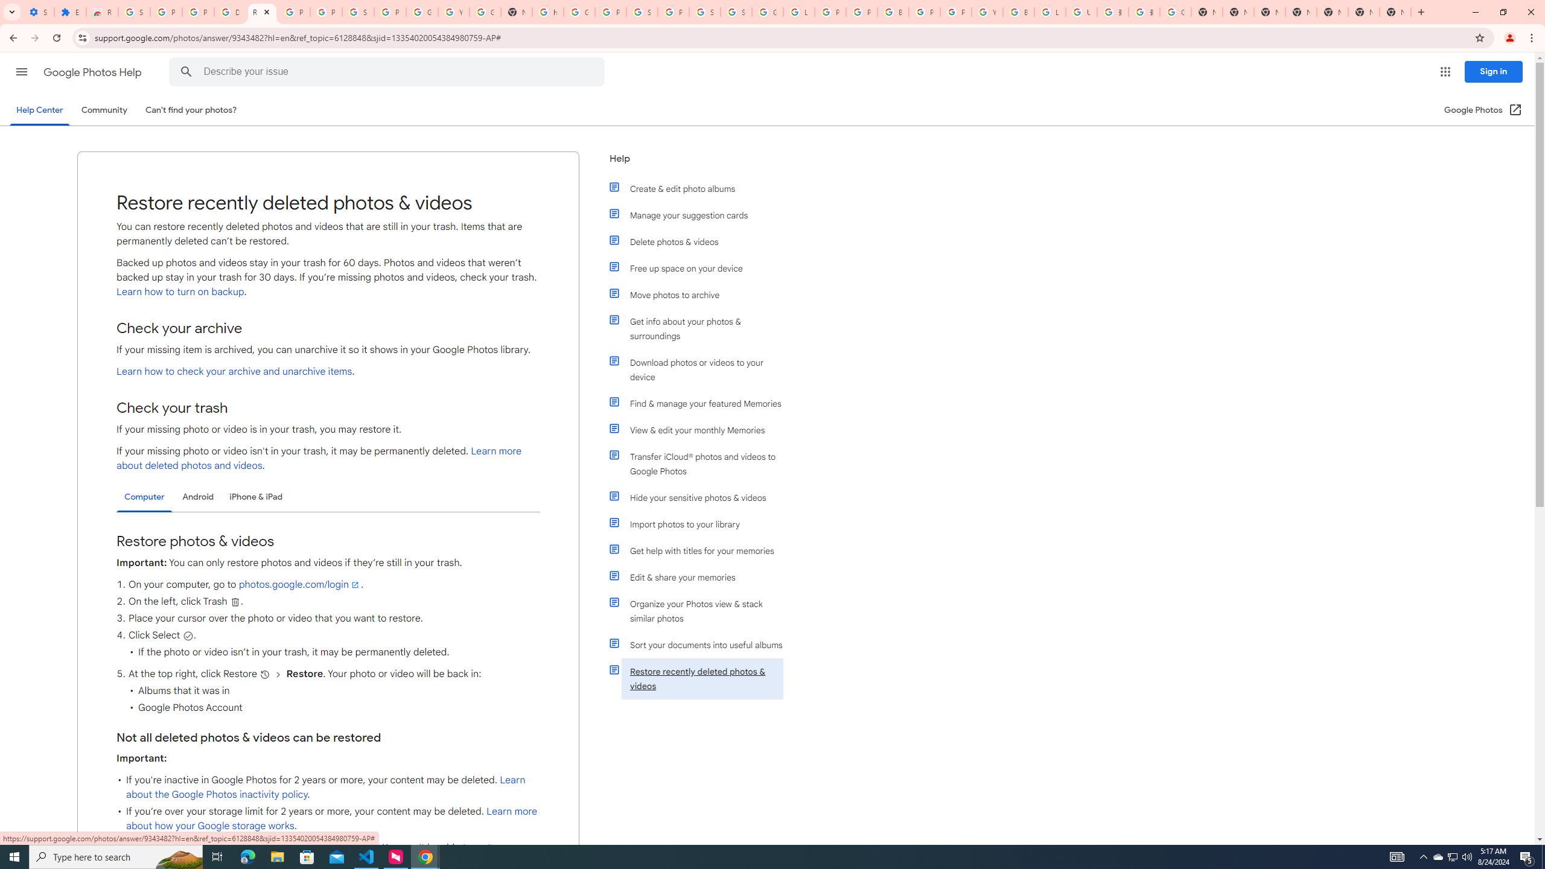 Image resolution: width=1545 pixels, height=869 pixels. What do you see at coordinates (547, 11) in the screenshot?
I see `'https://scholar.google.com/'` at bounding box center [547, 11].